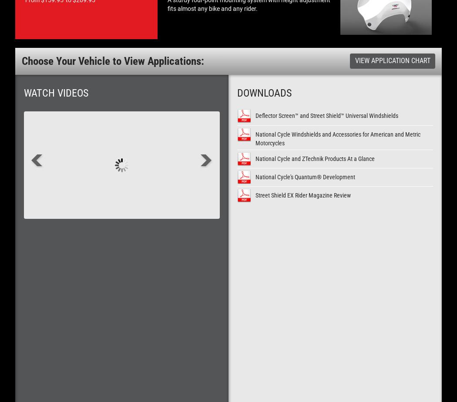  I want to click on 'Downloads', so click(264, 92).